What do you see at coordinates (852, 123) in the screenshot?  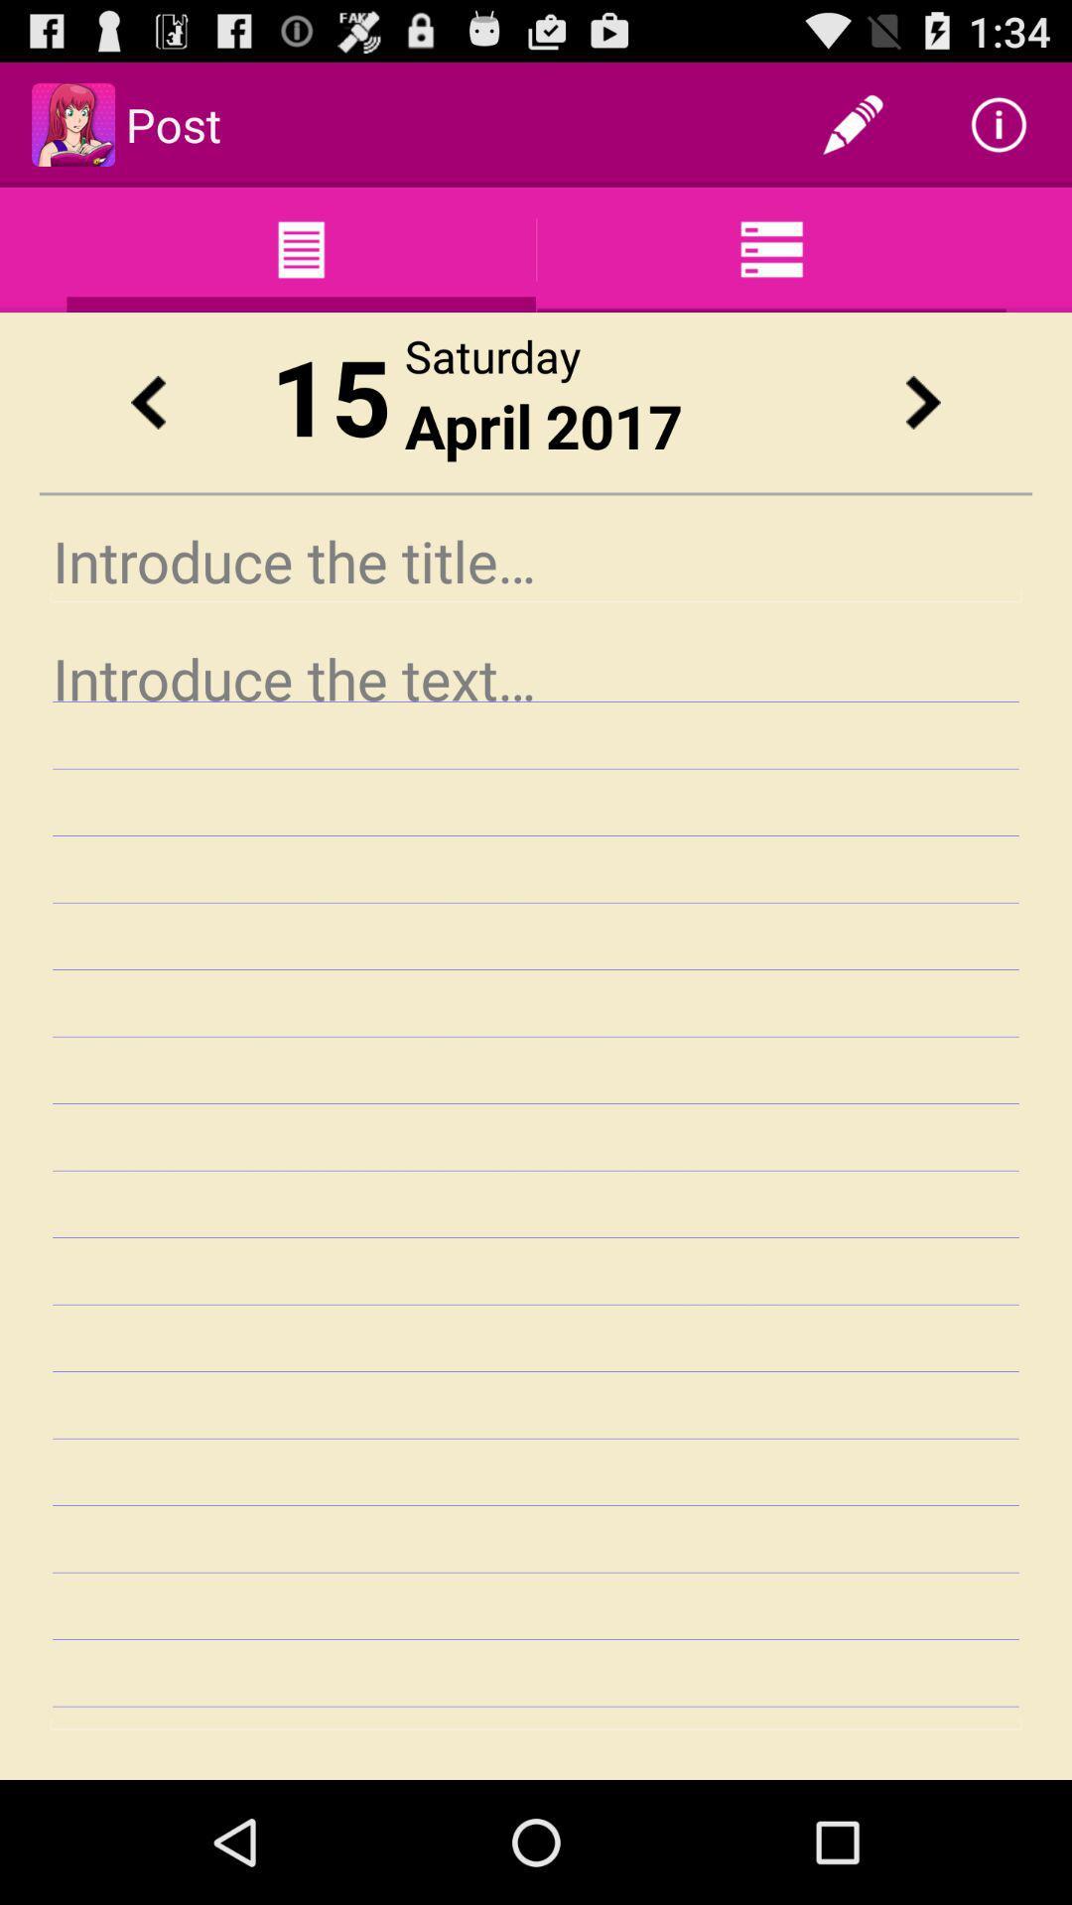 I see `app next to post` at bounding box center [852, 123].